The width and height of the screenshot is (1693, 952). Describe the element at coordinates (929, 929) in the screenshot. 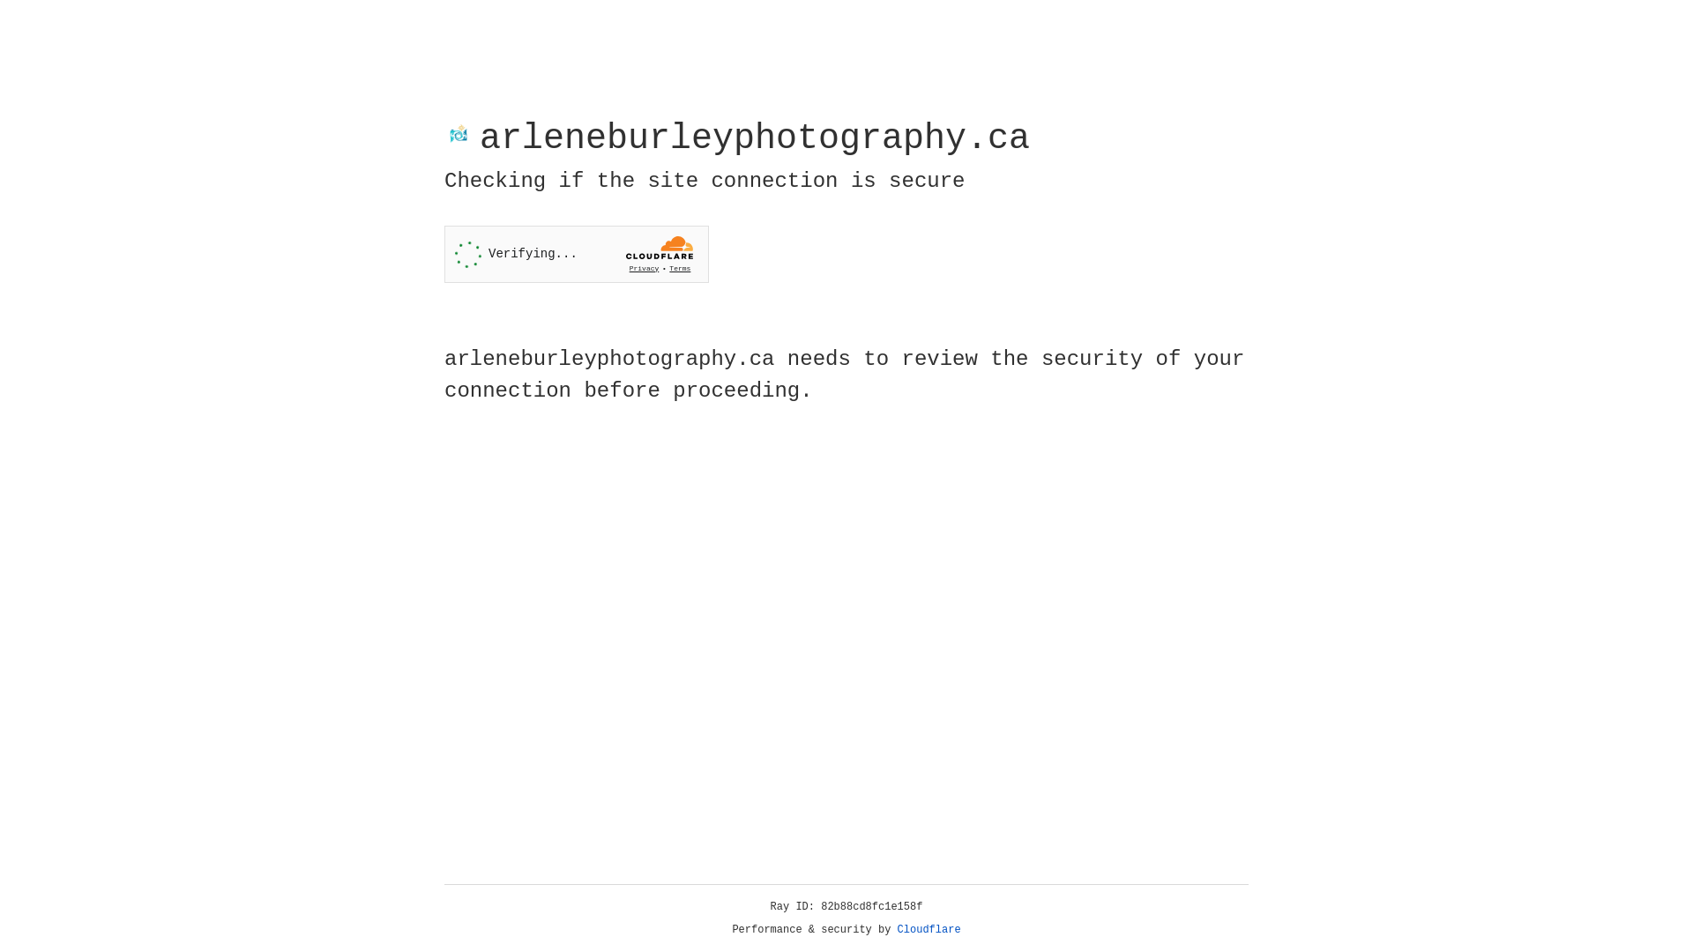

I see `'Cloudflare'` at that location.